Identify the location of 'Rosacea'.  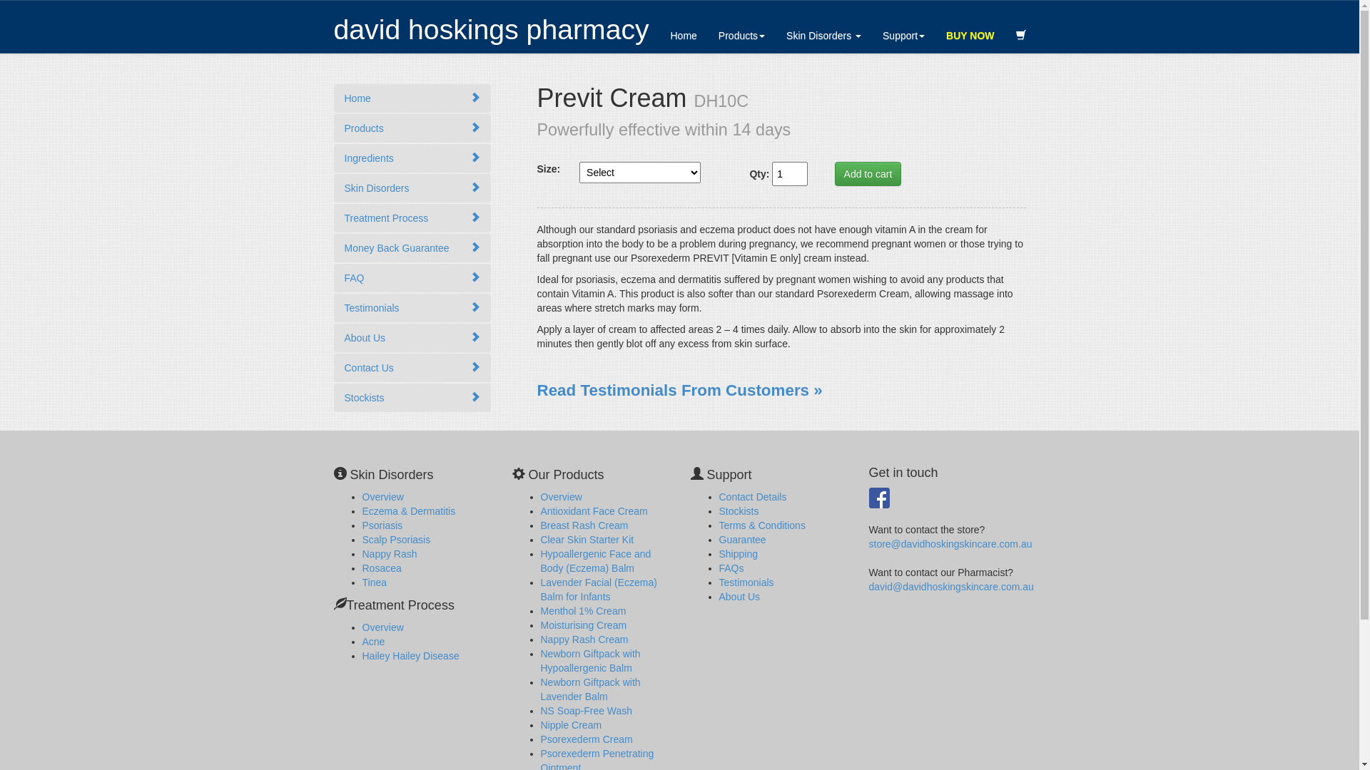
(362, 568).